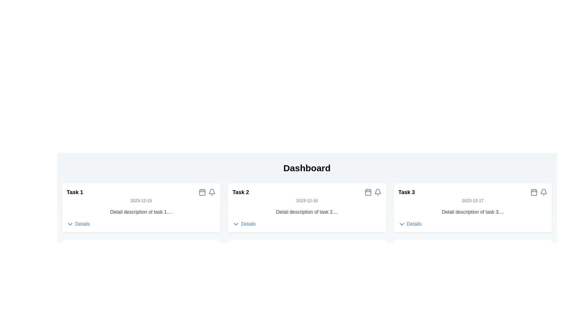 The width and height of the screenshot is (579, 325). I want to click on the 'Details' button with blue text and a downwards-pointing chevron icon located in the bottom section of the 'Task 3' panel, so click(410, 224).